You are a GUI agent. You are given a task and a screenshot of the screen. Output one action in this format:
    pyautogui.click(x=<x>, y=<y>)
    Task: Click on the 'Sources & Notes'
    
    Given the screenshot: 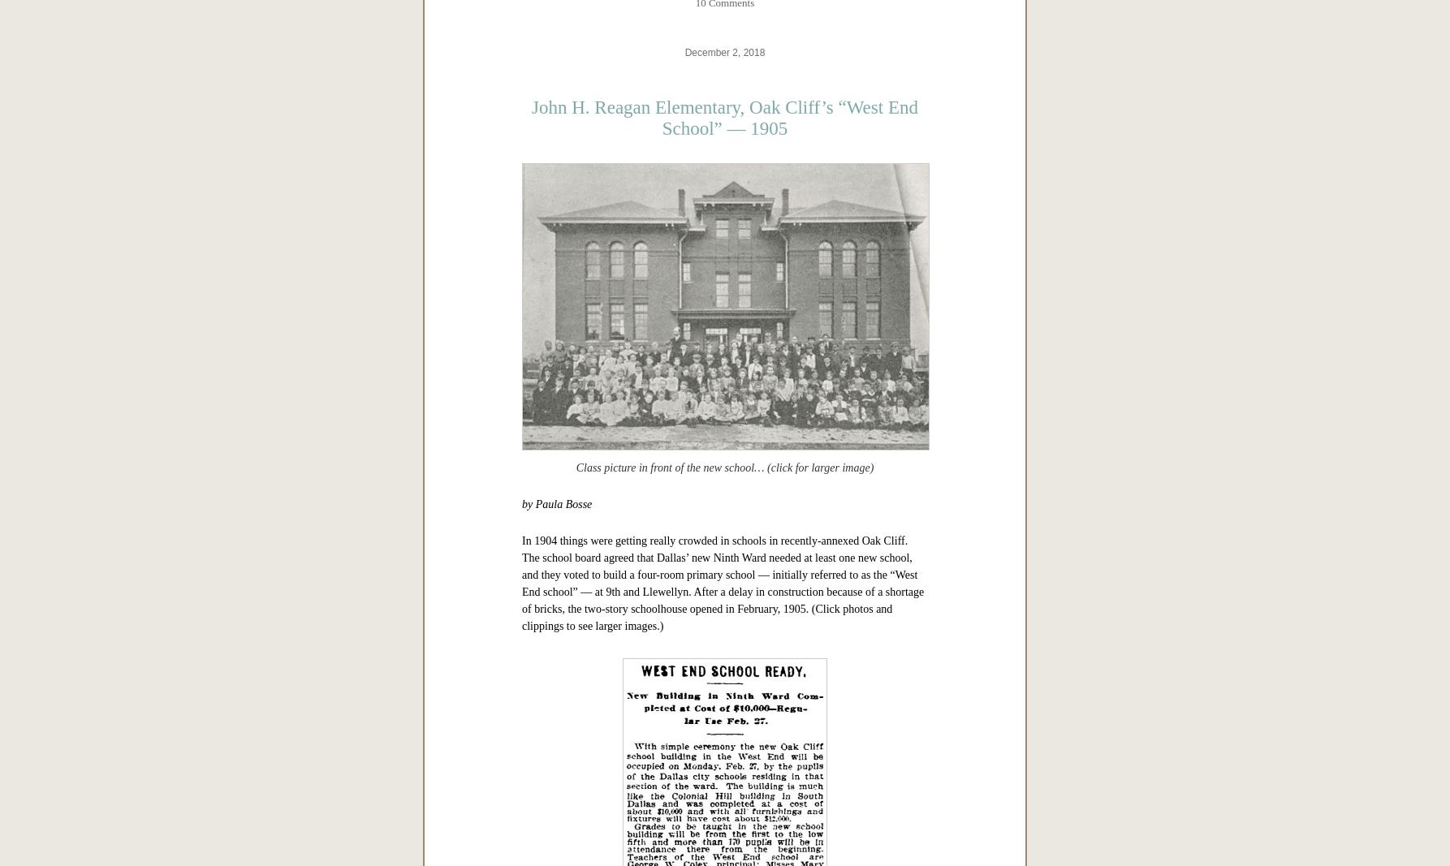 What is the action you would take?
    pyautogui.click(x=567, y=24)
    